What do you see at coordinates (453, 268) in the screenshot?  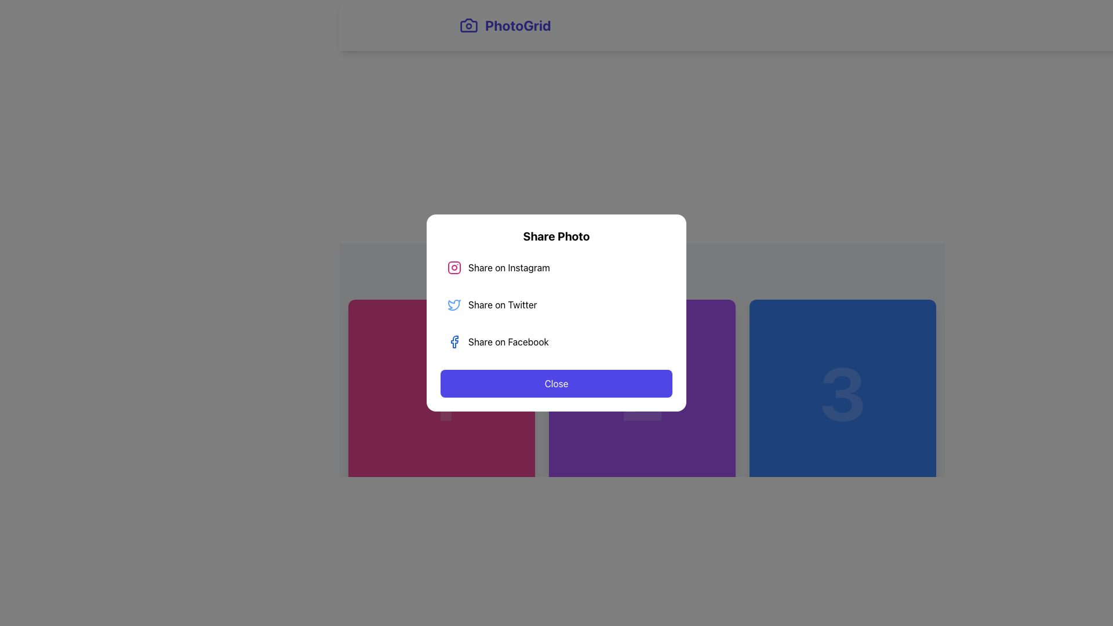 I see `the pink rounded rectangle icon that resembles an Instagram icon located in the top row of the options modal, to the left of the 'Share on Instagram' text for tooltip or visual feedback` at bounding box center [453, 268].